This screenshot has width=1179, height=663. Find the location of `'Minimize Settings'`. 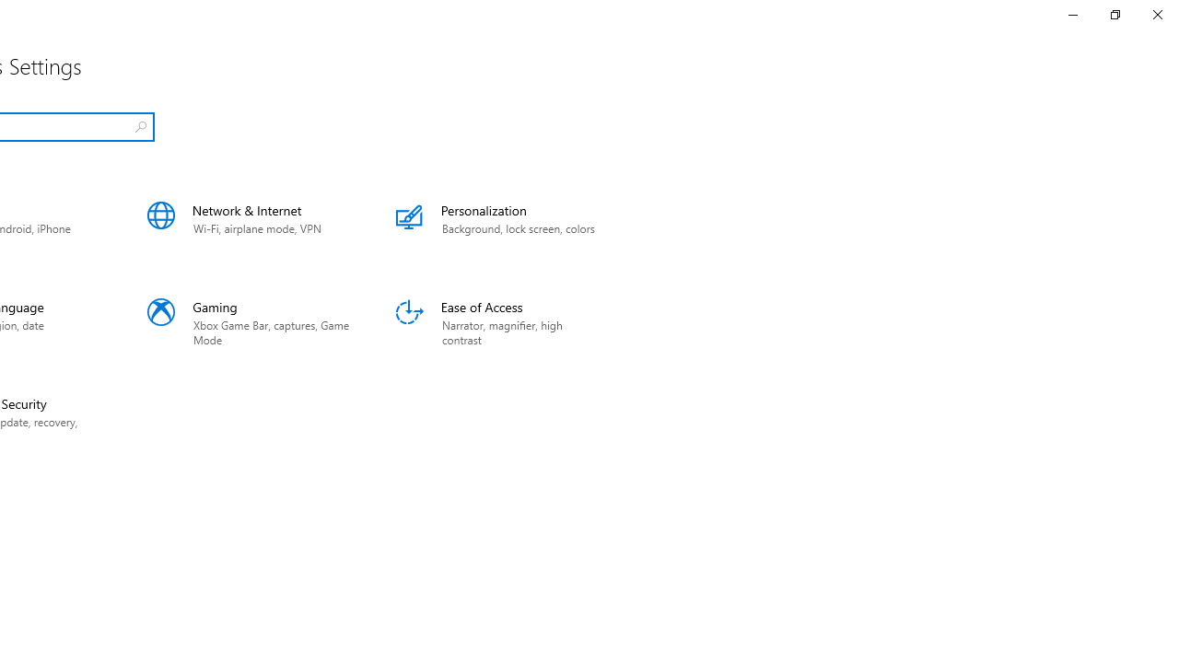

'Minimize Settings' is located at coordinates (1072, 14).